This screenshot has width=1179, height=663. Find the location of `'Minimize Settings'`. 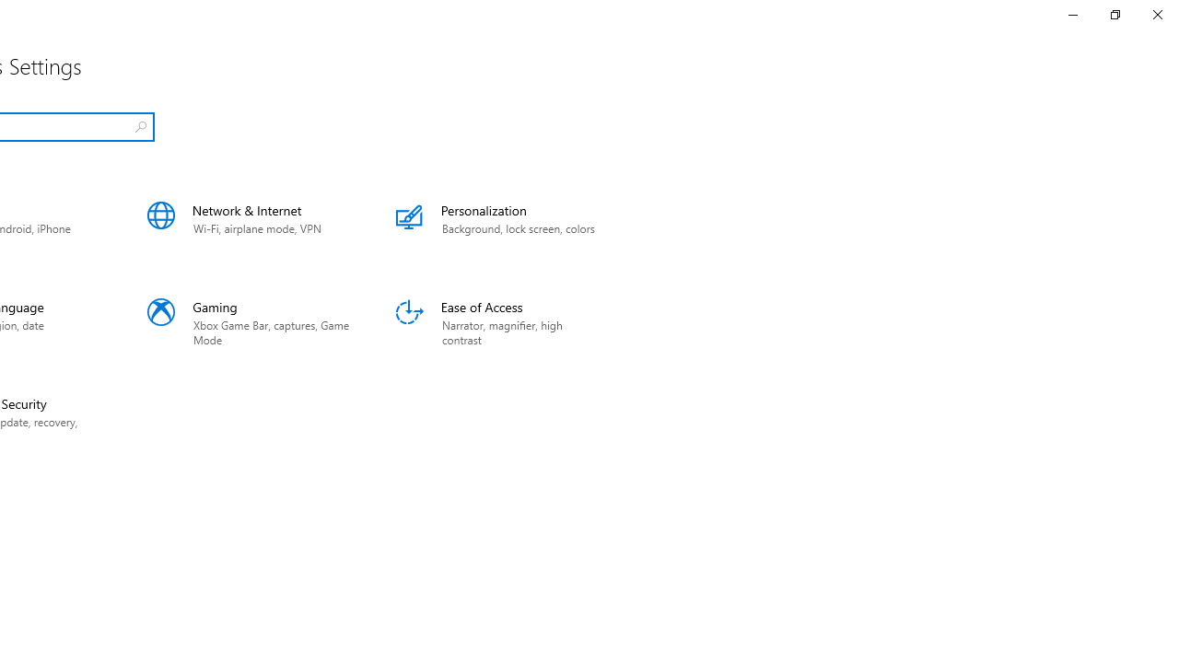

'Minimize Settings' is located at coordinates (1072, 14).